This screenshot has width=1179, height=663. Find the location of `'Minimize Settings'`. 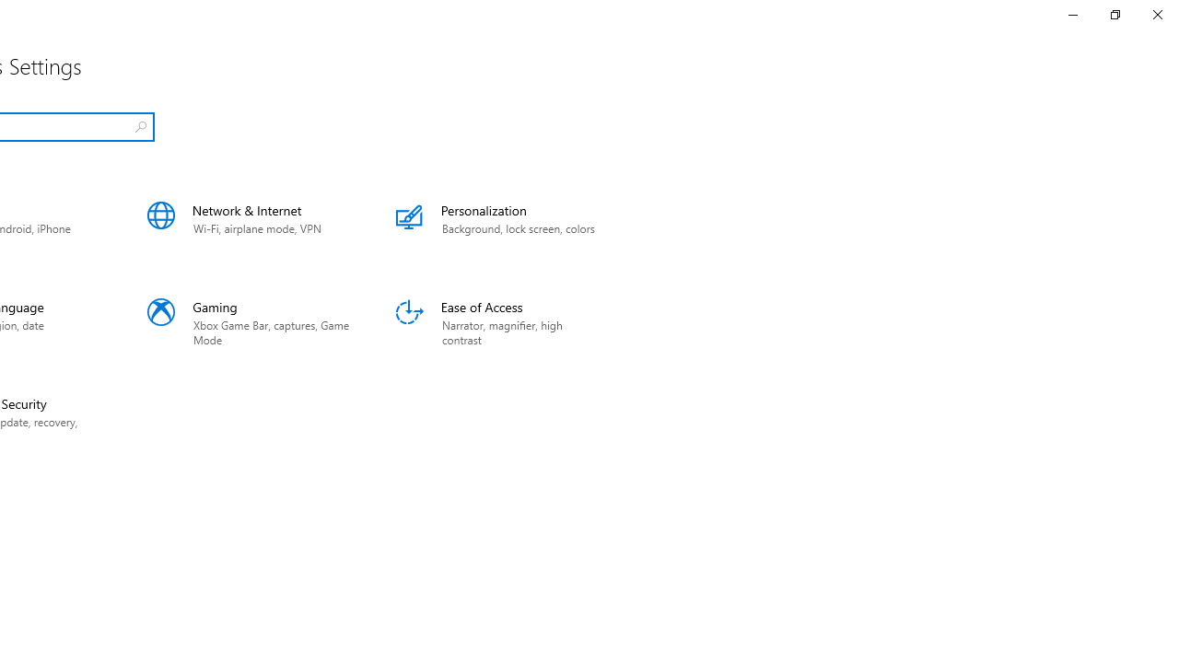

'Minimize Settings' is located at coordinates (1072, 14).